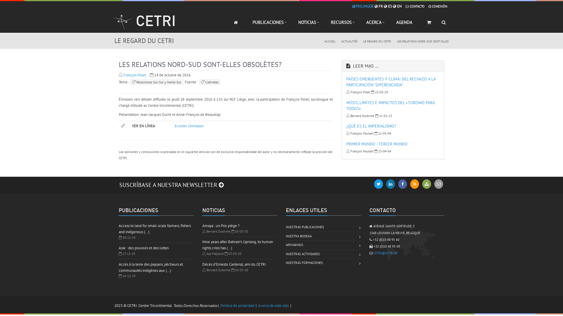 The image size is (563, 316). I want to click on 'Boutique', so click(429, 25).